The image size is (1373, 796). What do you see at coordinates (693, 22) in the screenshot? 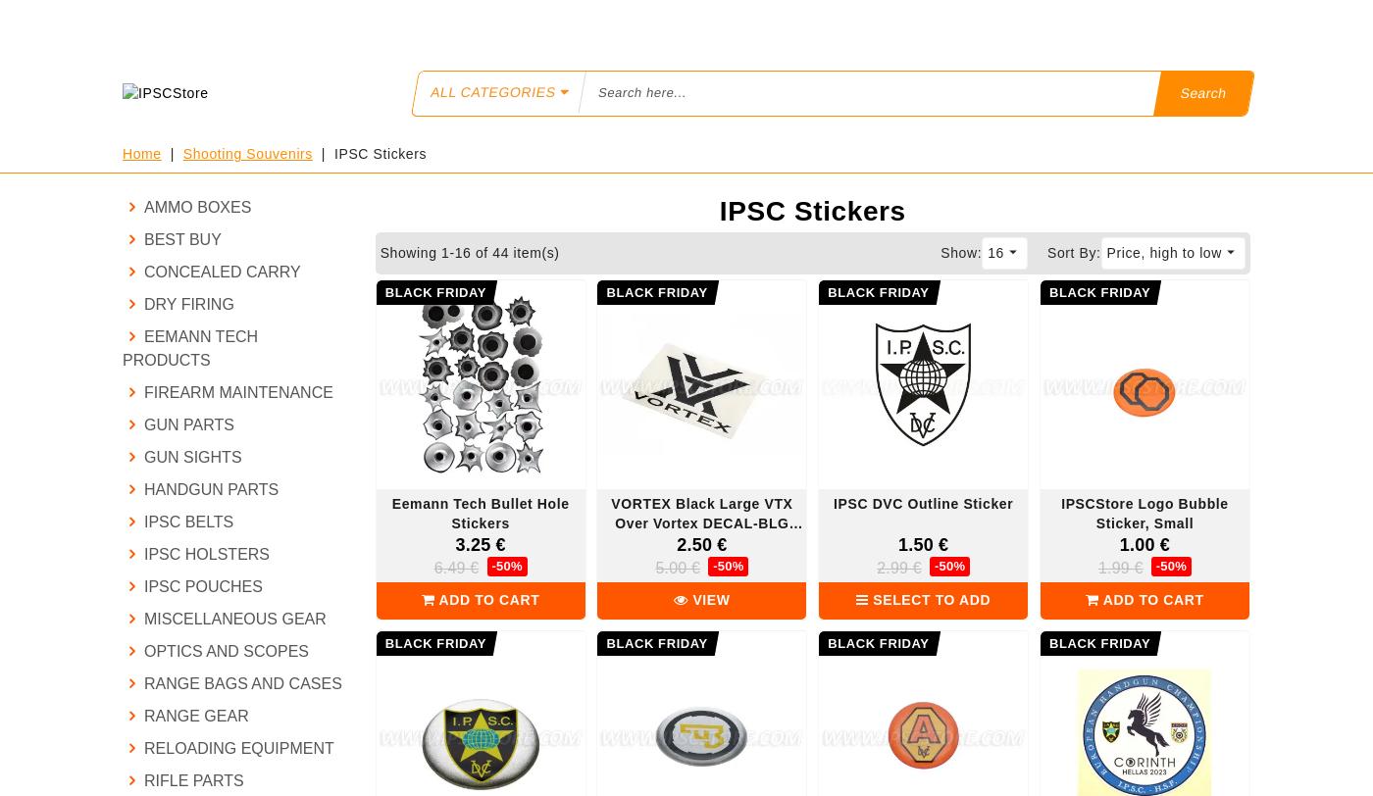
I see `'IPSC RULES AMENDMENTS'` at bounding box center [693, 22].